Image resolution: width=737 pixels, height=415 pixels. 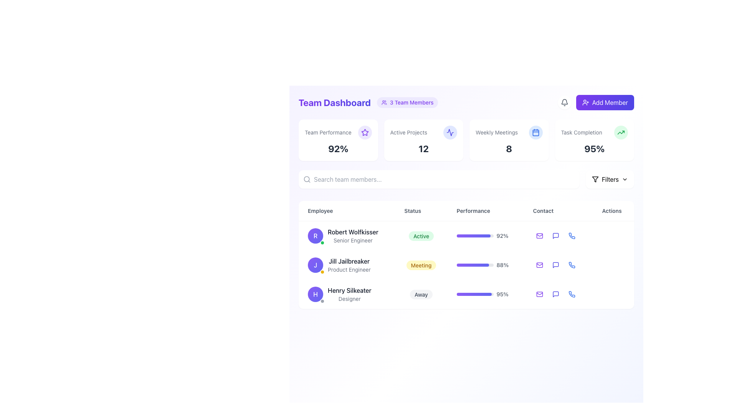 What do you see at coordinates (349, 261) in the screenshot?
I see `the text label displaying 'Jill Jailbreaker' in the second row of the employee list` at bounding box center [349, 261].